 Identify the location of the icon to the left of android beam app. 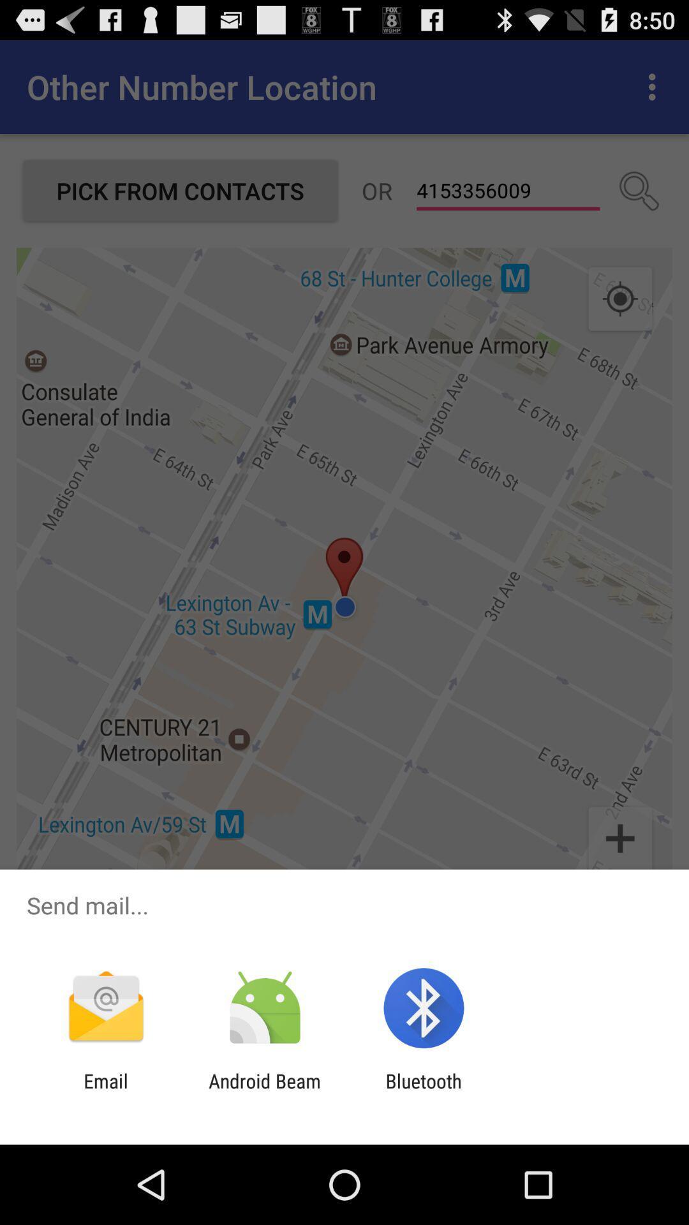
(105, 1092).